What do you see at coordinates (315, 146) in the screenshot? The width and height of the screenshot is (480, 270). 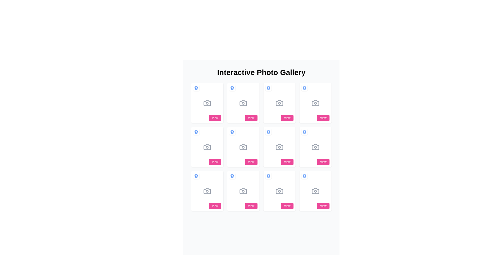 I see `the stylized camera icon, which is a gray outline with a lens in the center, located in the third row and third column of the grid layout` at bounding box center [315, 146].